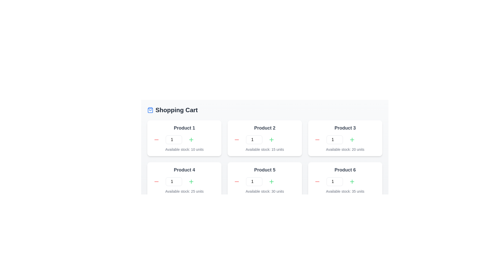 This screenshot has height=276, width=491. Describe the element at coordinates (345, 140) in the screenshot. I see `the quantity selector buttons for 'Product 3'` at that location.